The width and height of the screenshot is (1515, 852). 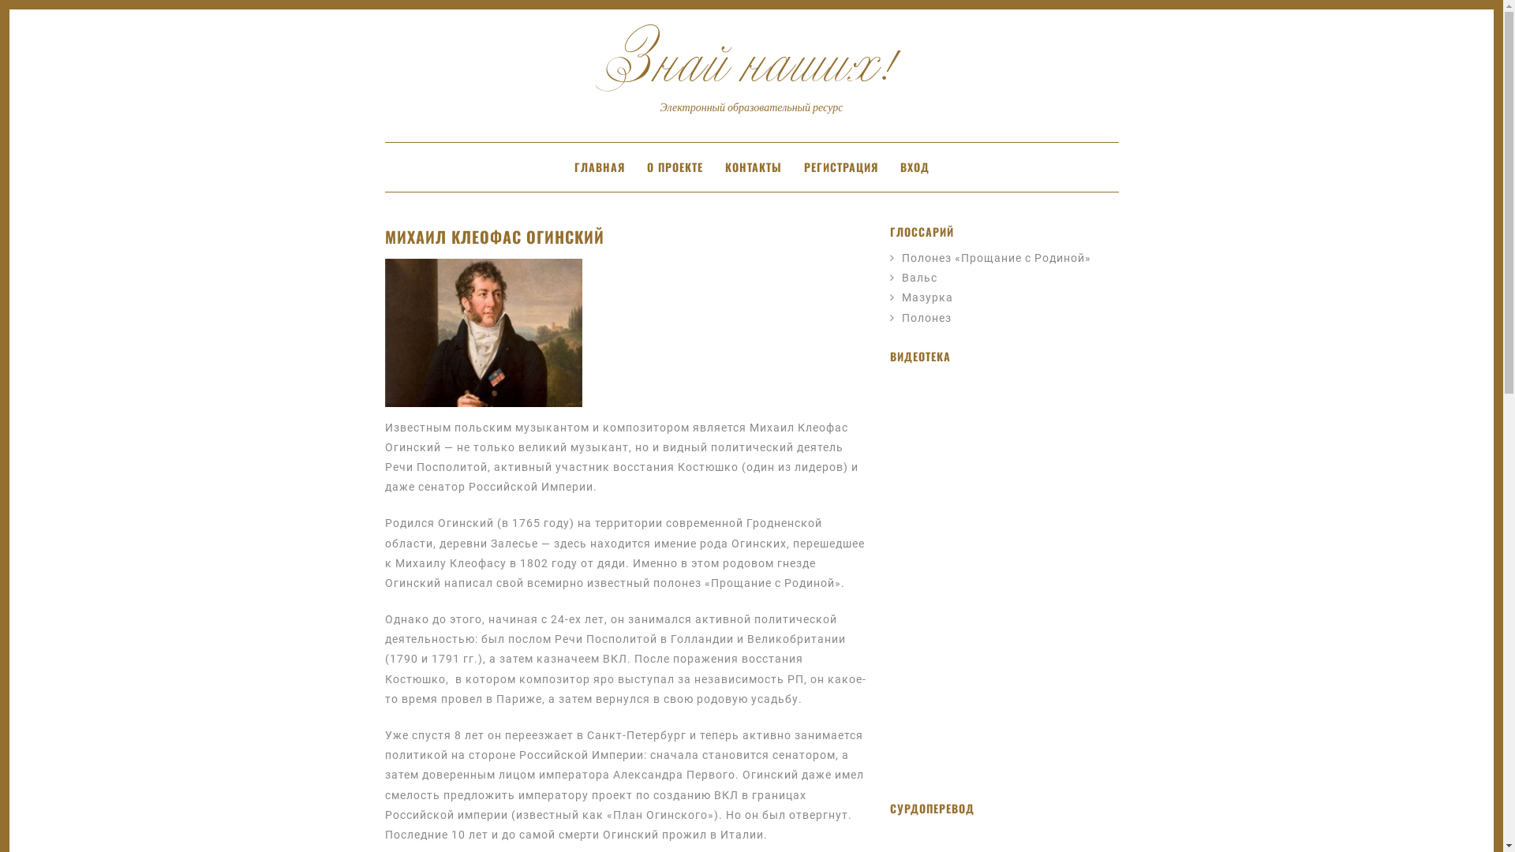 I want to click on 'SKIP TO CONTENT', so click(x=430, y=164).